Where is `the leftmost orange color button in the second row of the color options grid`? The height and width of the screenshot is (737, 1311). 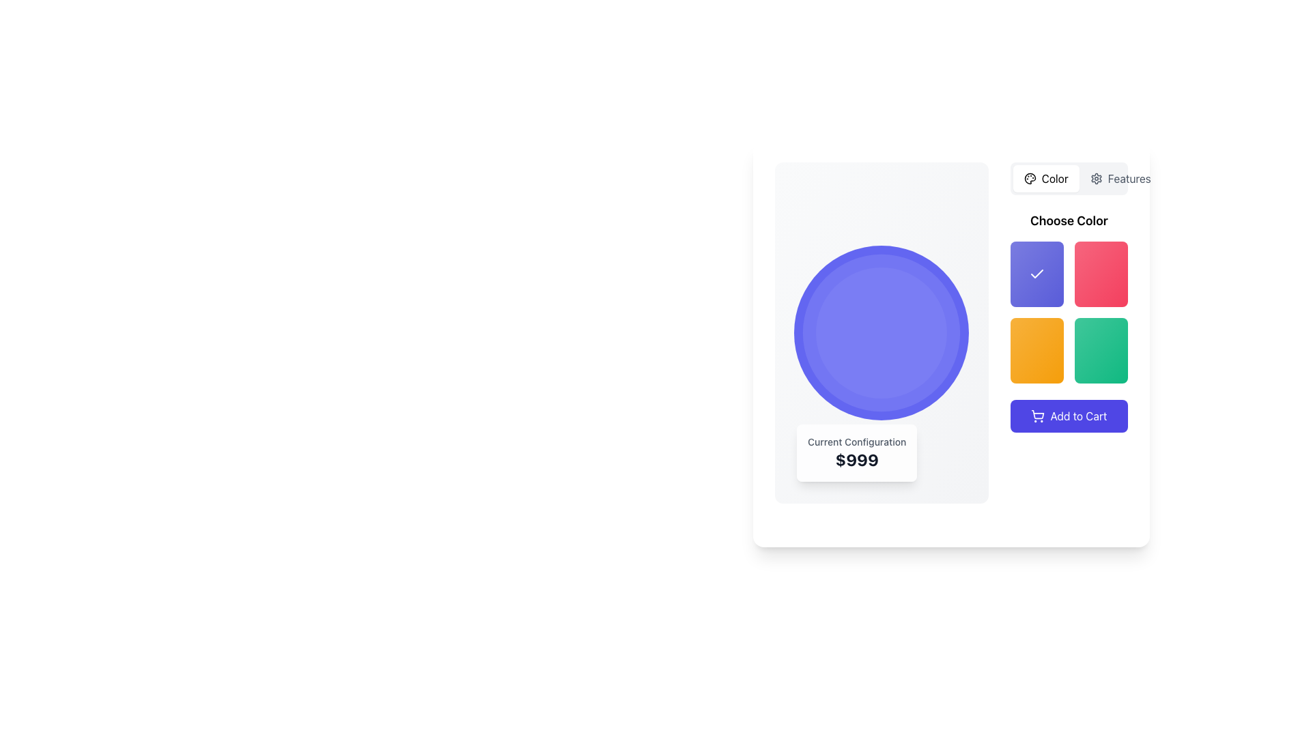 the leftmost orange color button in the second row of the color options grid is located at coordinates (1068, 333).